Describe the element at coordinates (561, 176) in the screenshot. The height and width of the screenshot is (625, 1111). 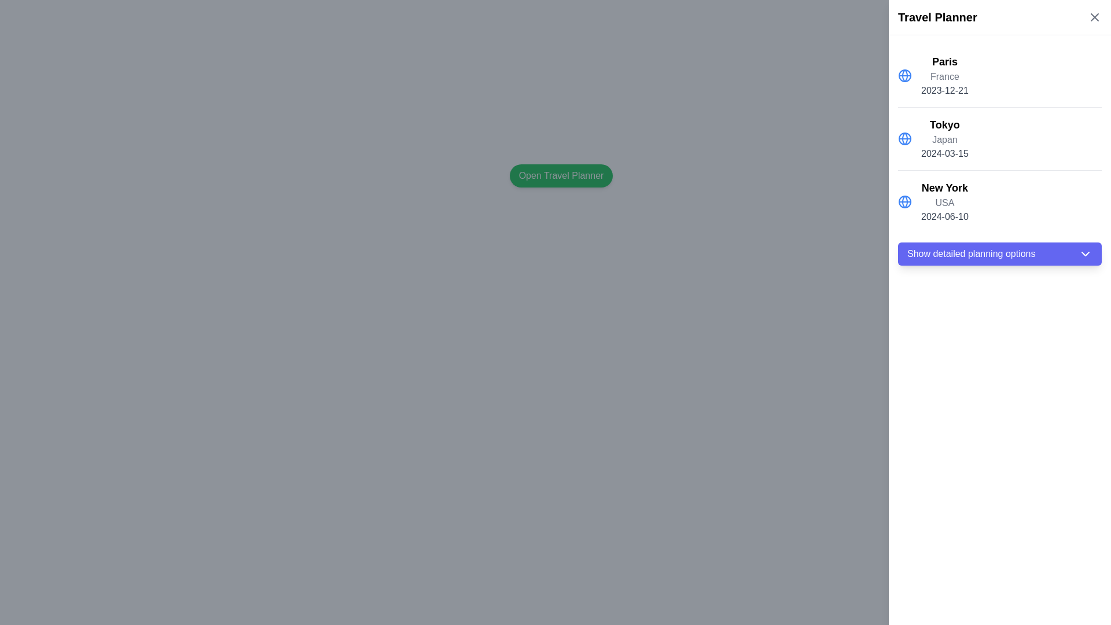
I see `the button with green background and white text reading 'Open Travel Planner'` at that location.